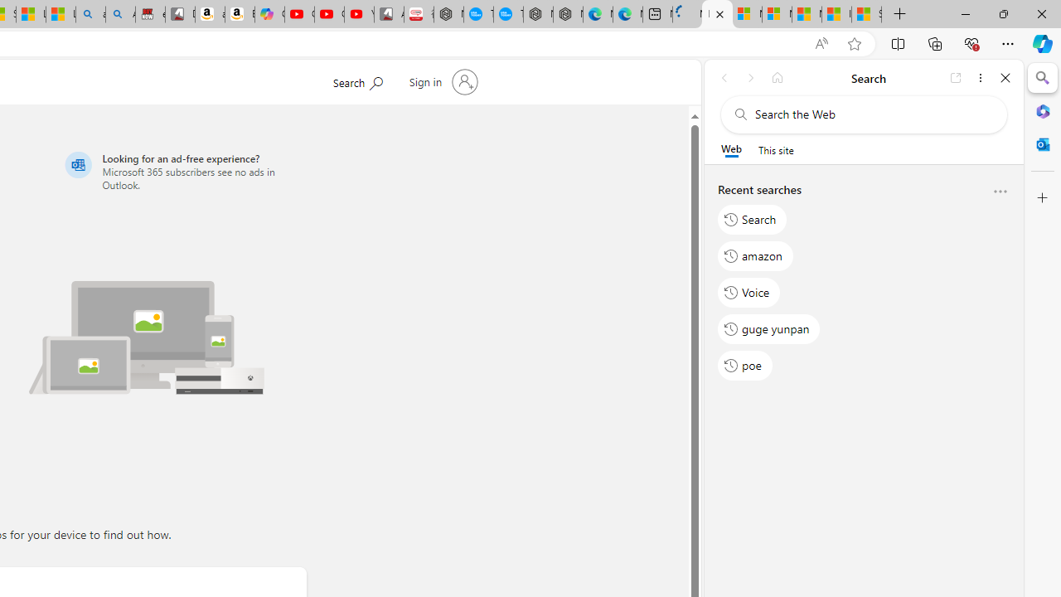 The image size is (1061, 597). Describe the element at coordinates (209, 14) in the screenshot. I see `'amazon.in/dp/B0CX59H5W7/?tag=gsmcom05-21'` at that location.